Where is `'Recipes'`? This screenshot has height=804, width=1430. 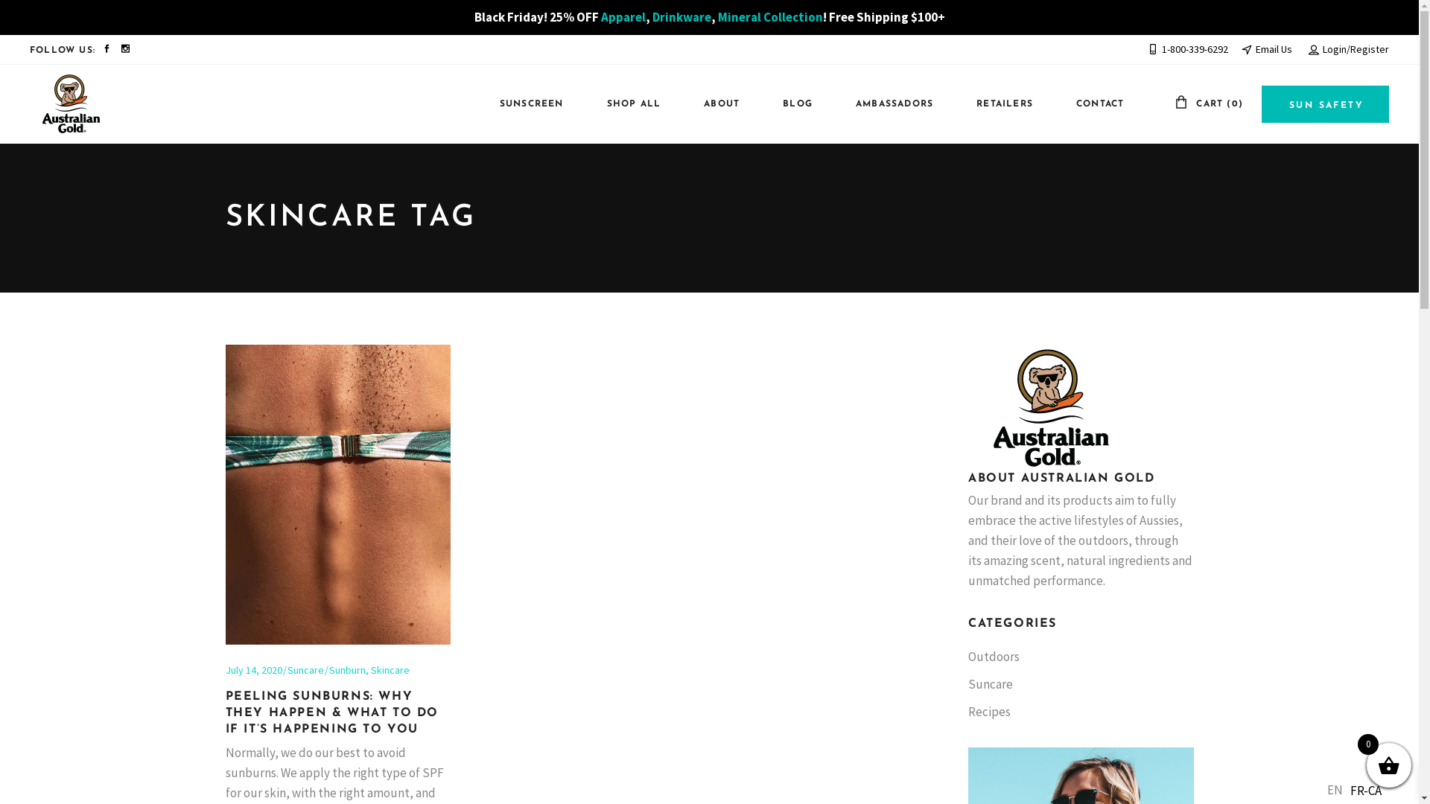 'Recipes' is located at coordinates (989, 711).